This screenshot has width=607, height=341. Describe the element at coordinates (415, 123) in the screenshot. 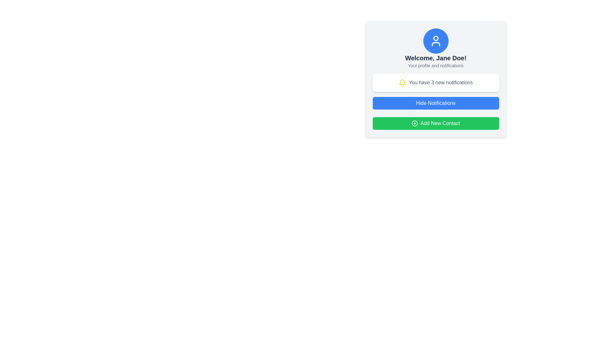

I see `the decorative icon within the 'Add New Contact' button, which symbolizes addition or creation, located to the left of the button's text` at that location.